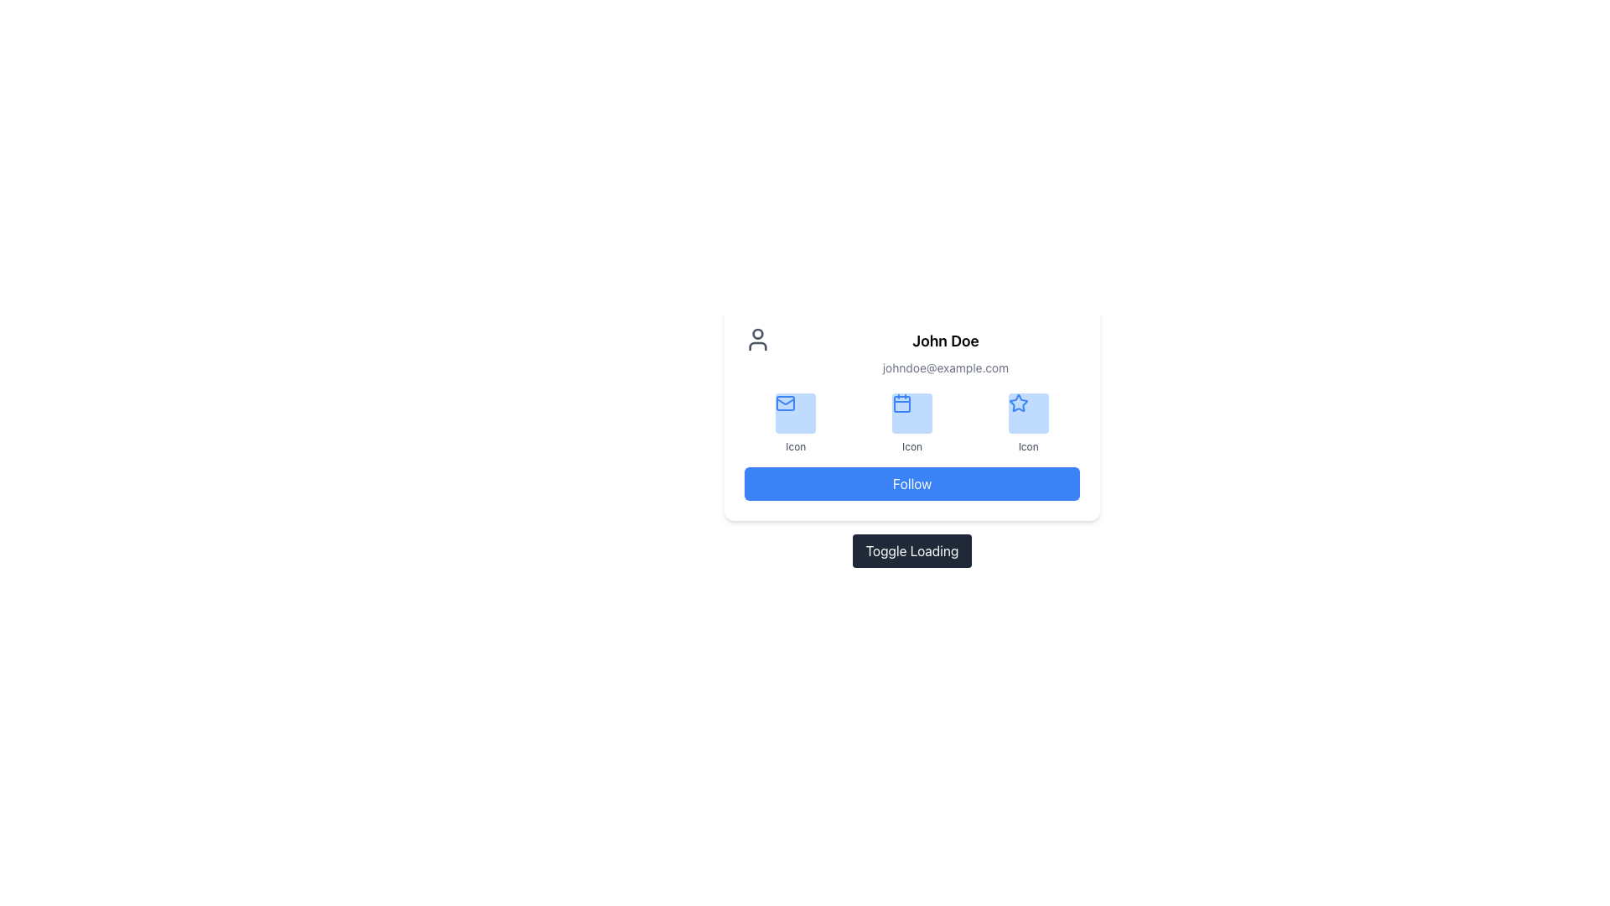 The image size is (1610, 906). What do you see at coordinates (795, 445) in the screenshot?
I see `the text label that contains the word 'Icon' in gray color, located below the blue button with a mail icon` at bounding box center [795, 445].